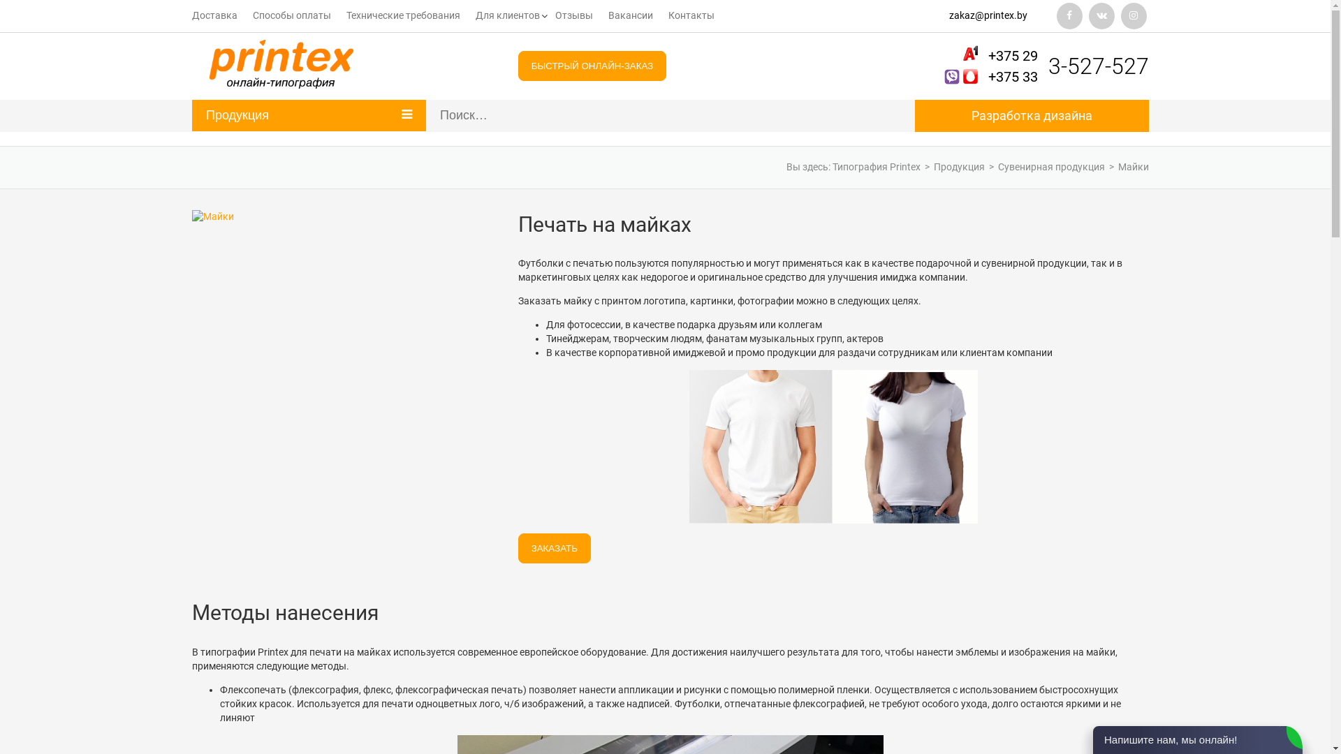  I want to click on 'zakaz@printex.by', so click(991, 16).